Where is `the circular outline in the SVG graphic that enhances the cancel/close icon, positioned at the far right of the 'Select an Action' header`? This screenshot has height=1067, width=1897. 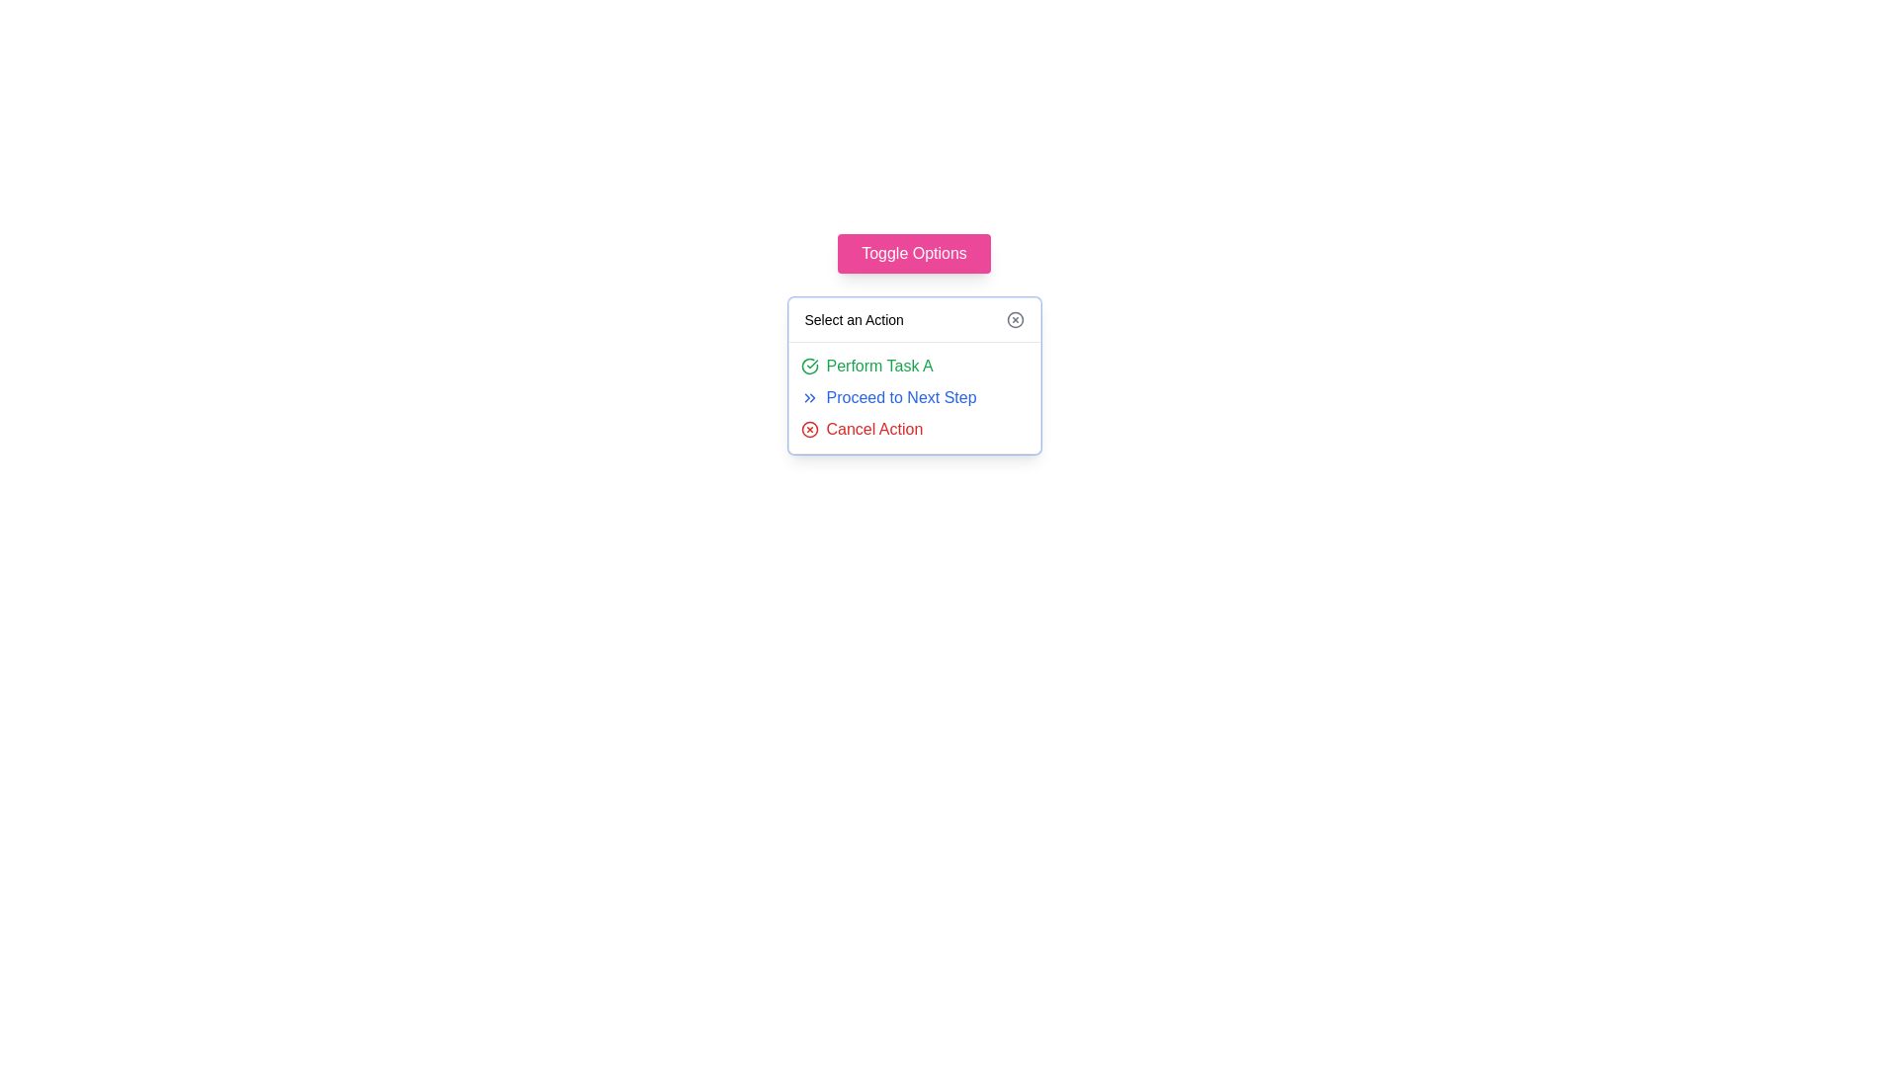
the circular outline in the SVG graphic that enhances the cancel/close icon, positioned at the far right of the 'Select an Action' header is located at coordinates (1015, 319).